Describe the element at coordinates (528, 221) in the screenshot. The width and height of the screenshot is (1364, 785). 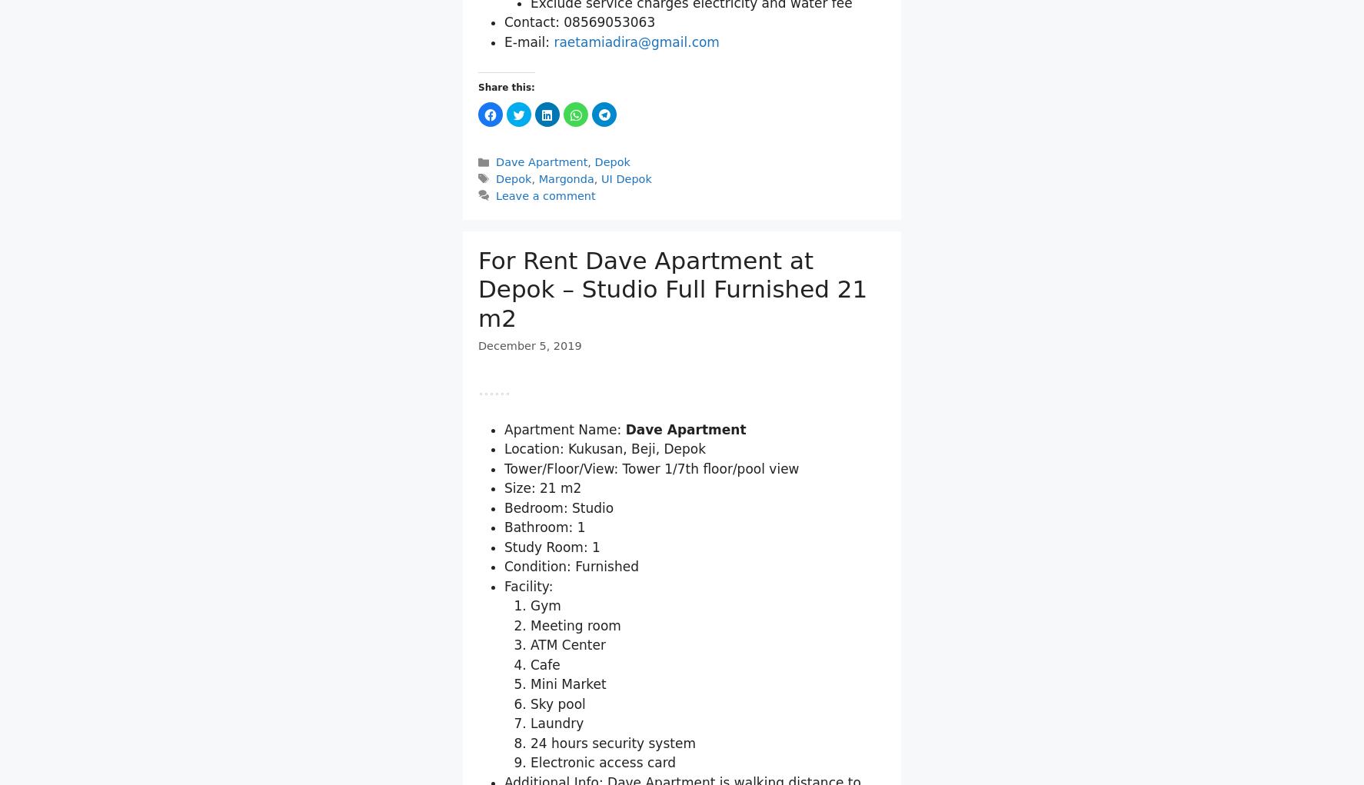
I see `'E-mail:'` at that location.